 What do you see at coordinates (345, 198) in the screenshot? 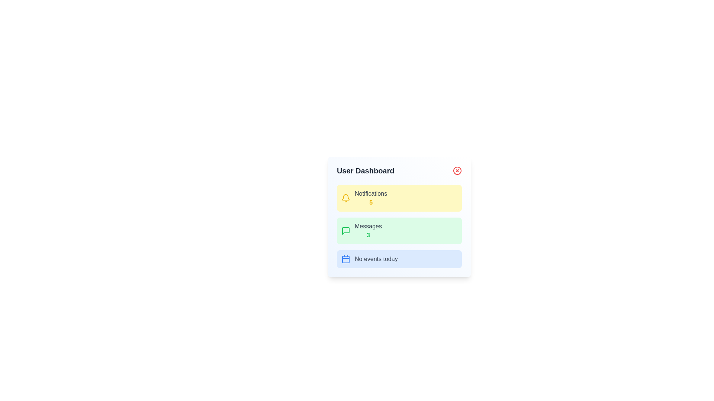
I see `the notification icon located to the left of the 'Notifications 5' text within the yellow-background rectangle` at bounding box center [345, 198].